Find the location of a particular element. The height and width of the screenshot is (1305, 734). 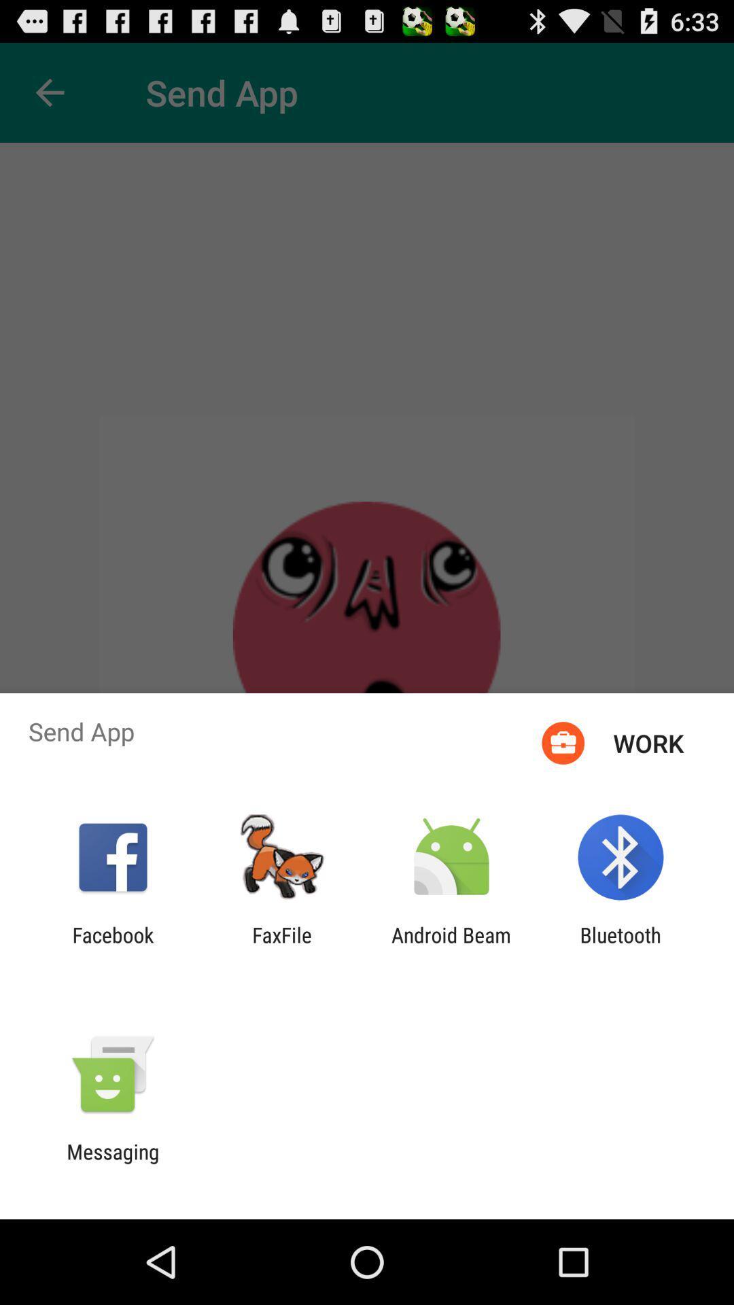

messaging app is located at coordinates (112, 1163).